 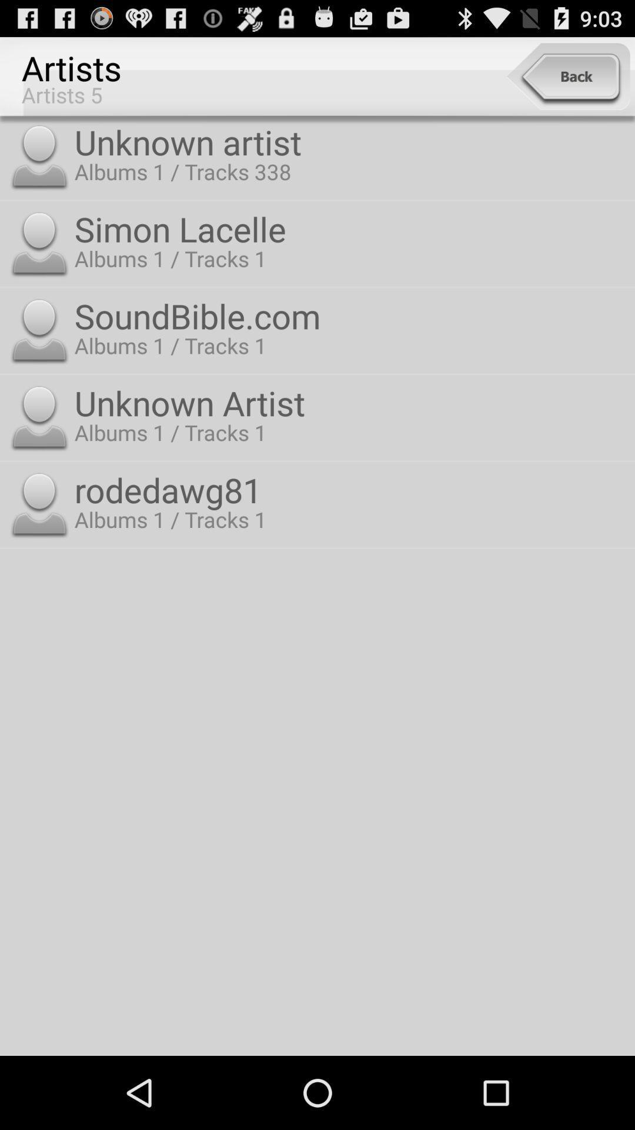 I want to click on the app above the unknown artist icon, so click(x=567, y=76).